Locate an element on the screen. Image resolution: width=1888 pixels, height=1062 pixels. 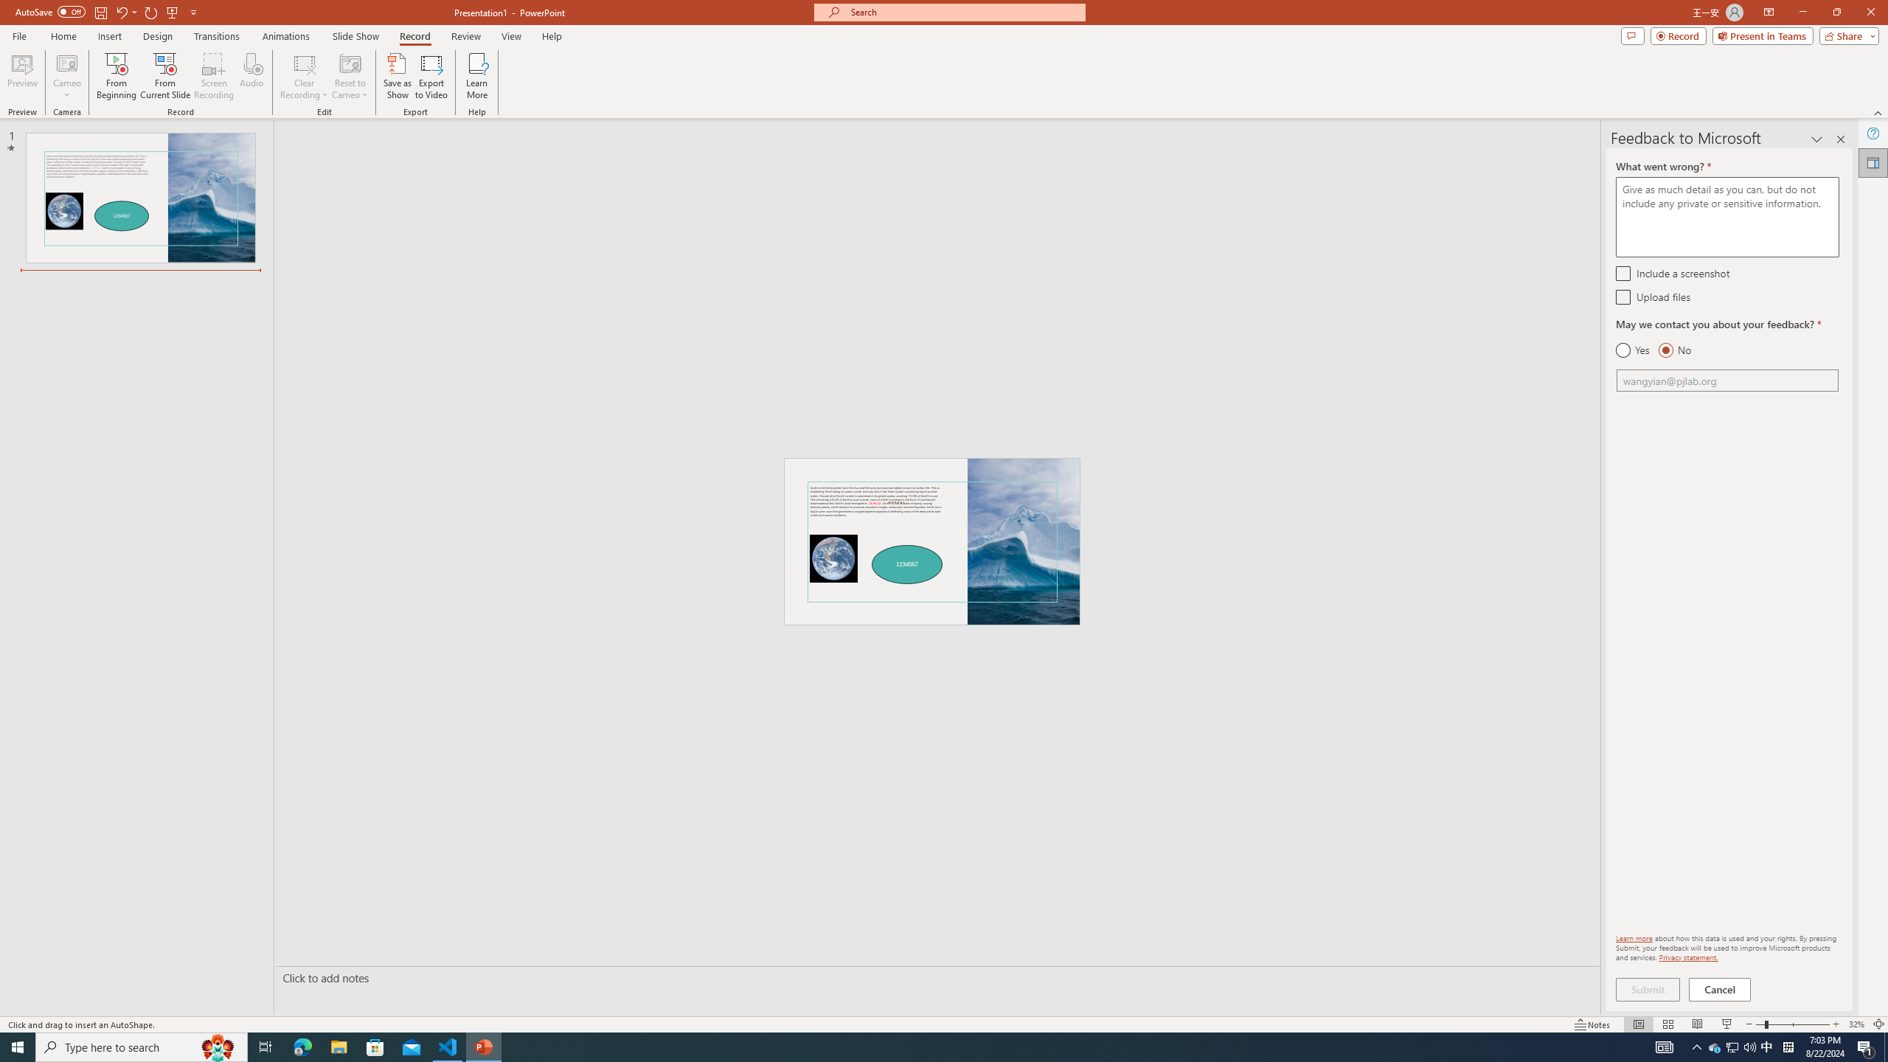
'AutoSave' is located at coordinates (51, 11).